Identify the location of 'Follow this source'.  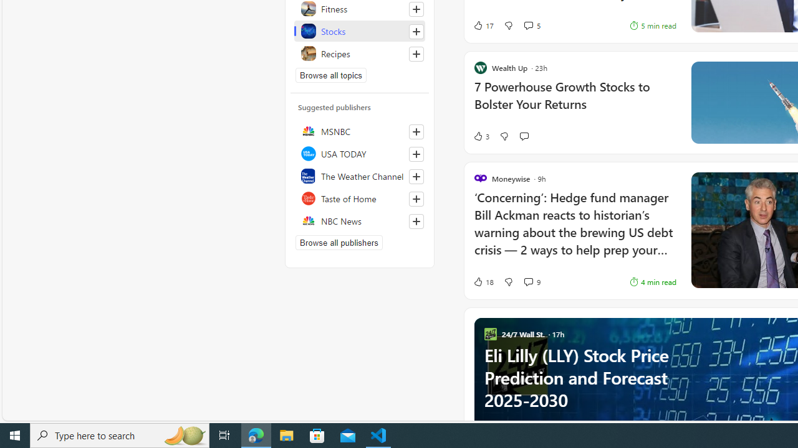
(416, 221).